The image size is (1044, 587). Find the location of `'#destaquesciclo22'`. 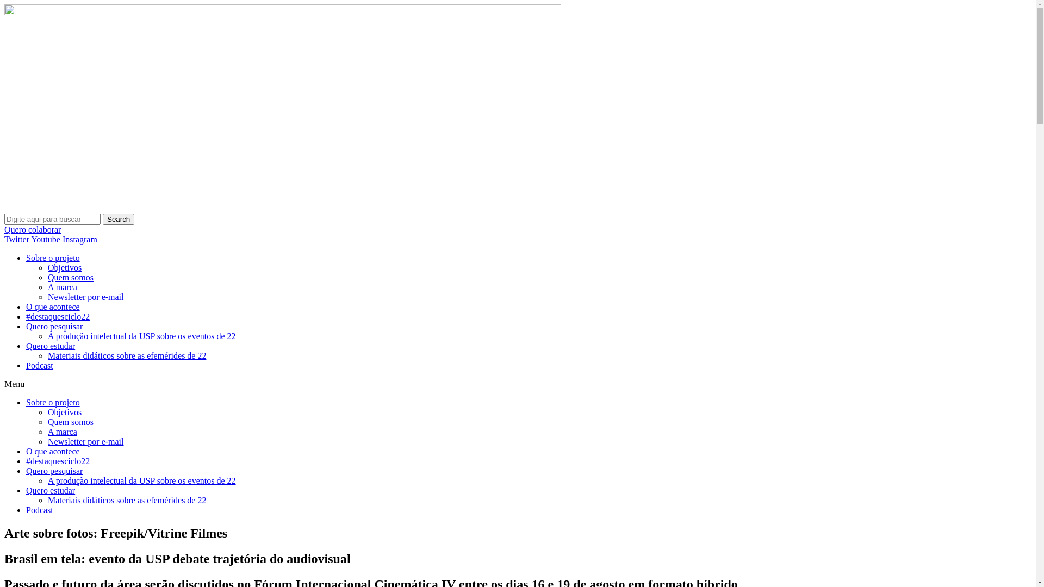

'#destaquesciclo22' is located at coordinates (57, 316).